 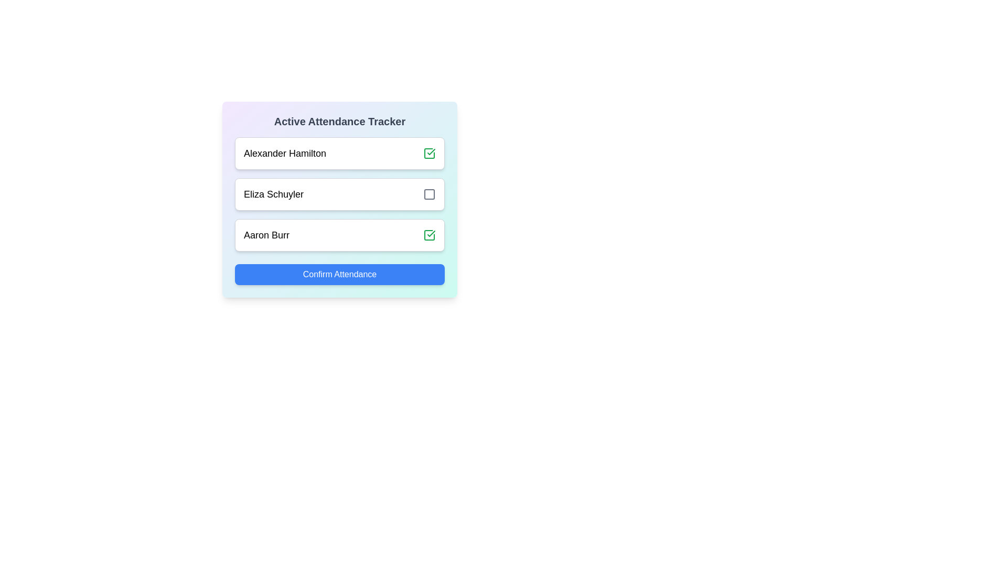 What do you see at coordinates (340, 274) in the screenshot?
I see `'Confirm Attendance' button` at bounding box center [340, 274].